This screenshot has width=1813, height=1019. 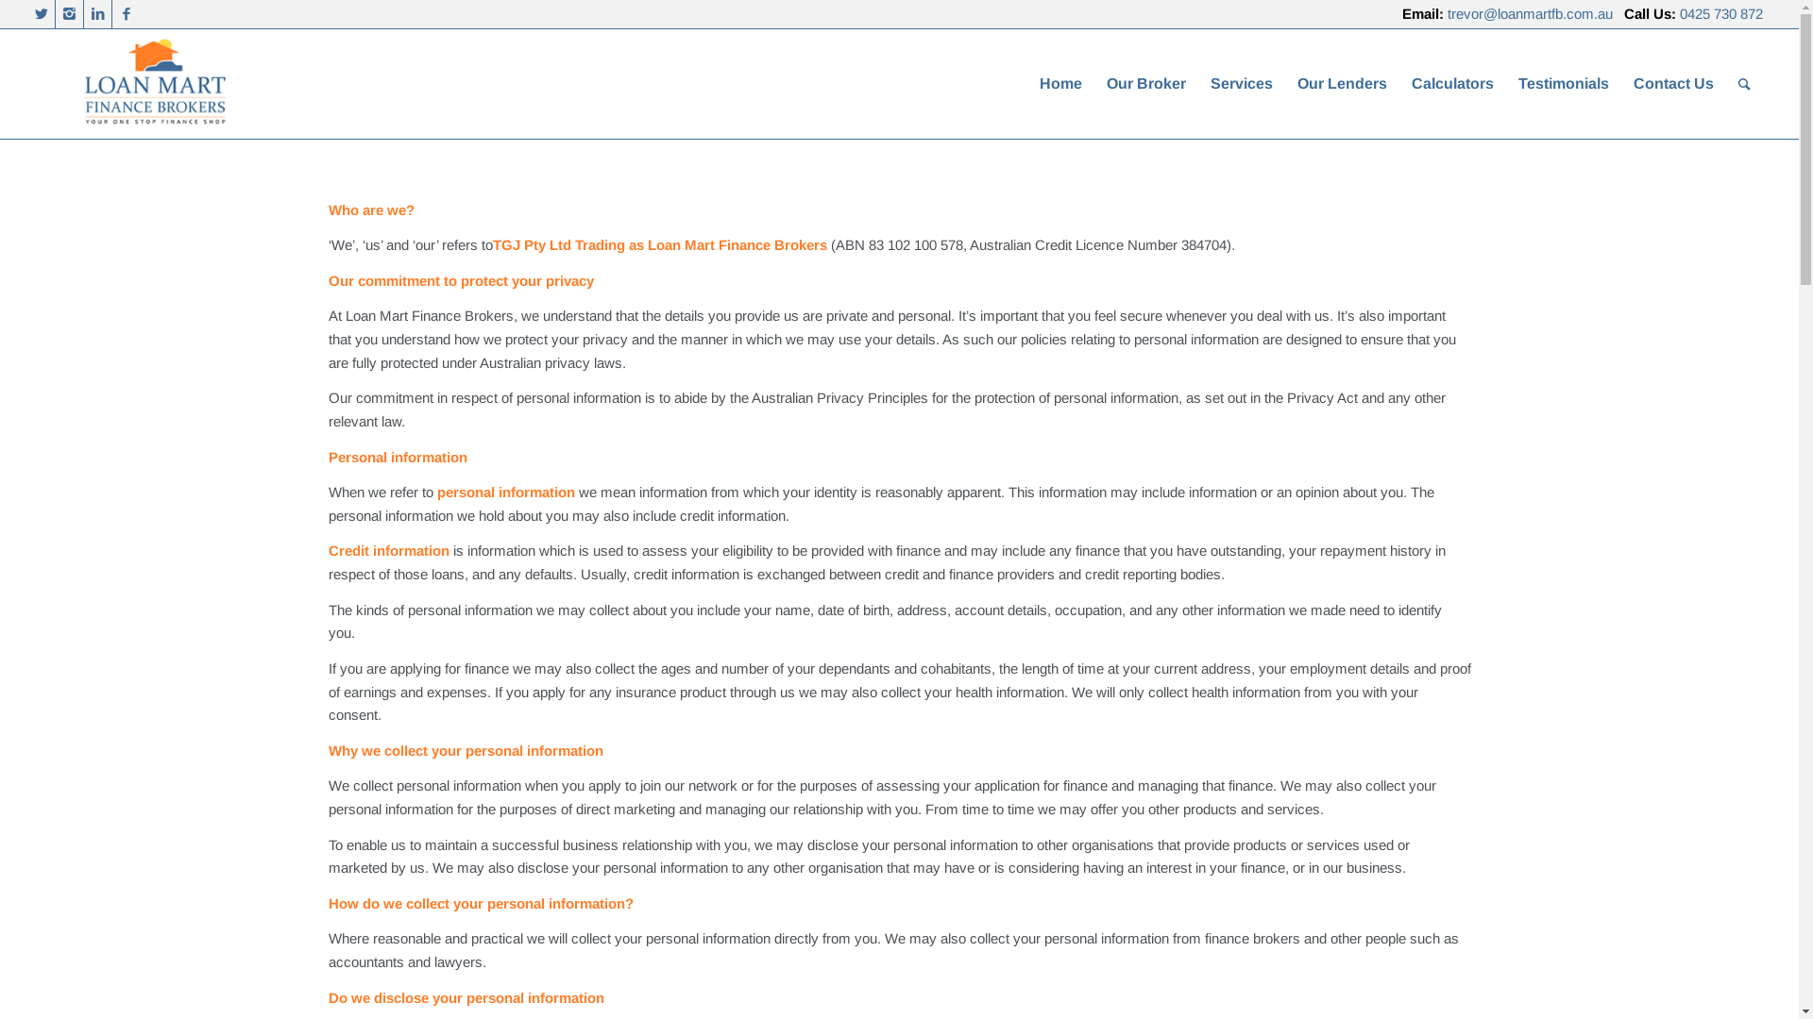 I want to click on 'LinkedIn', so click(x=96, y=14).